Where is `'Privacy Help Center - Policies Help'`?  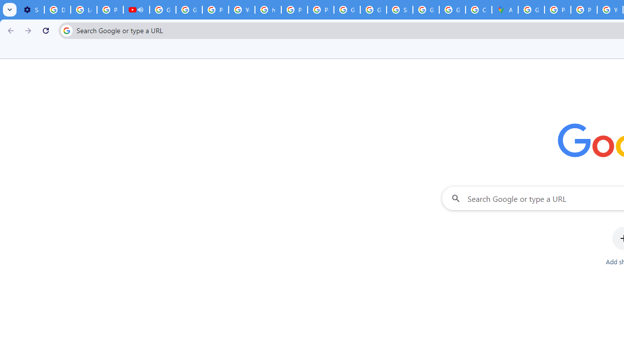
'Privacy Help Center - Policies Help' is located at coordinates (584, 10).